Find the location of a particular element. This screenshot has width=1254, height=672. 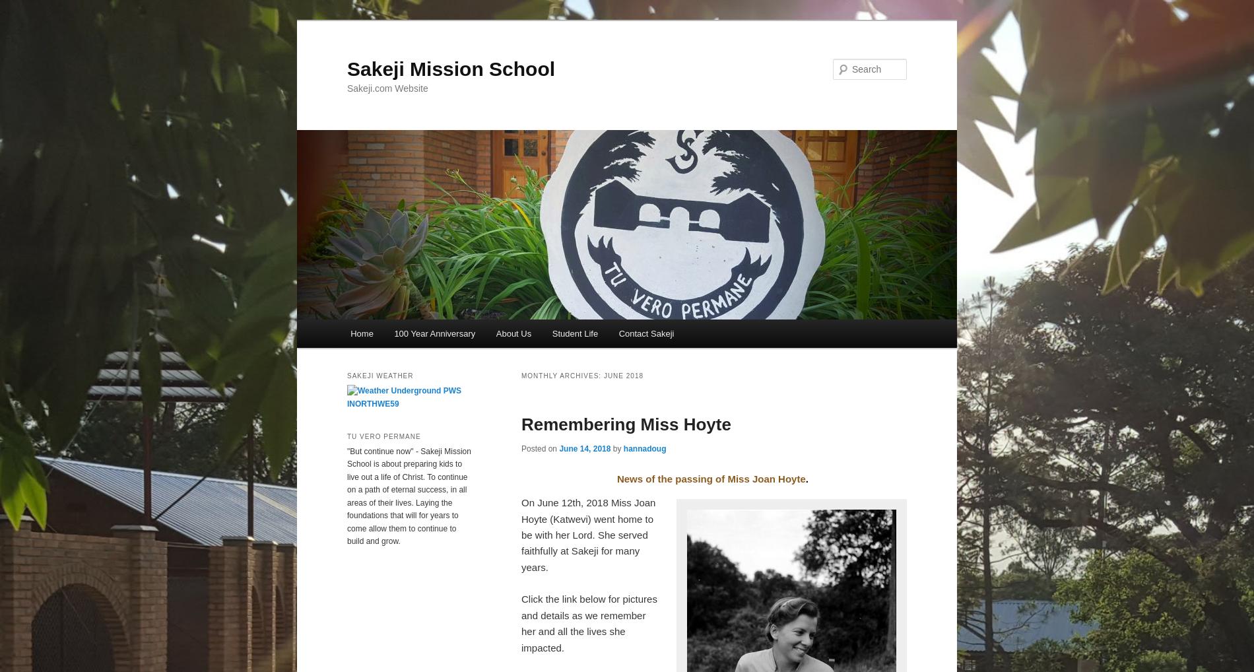

'TU VERO PERMANE' is located at coordinates (383, 435).